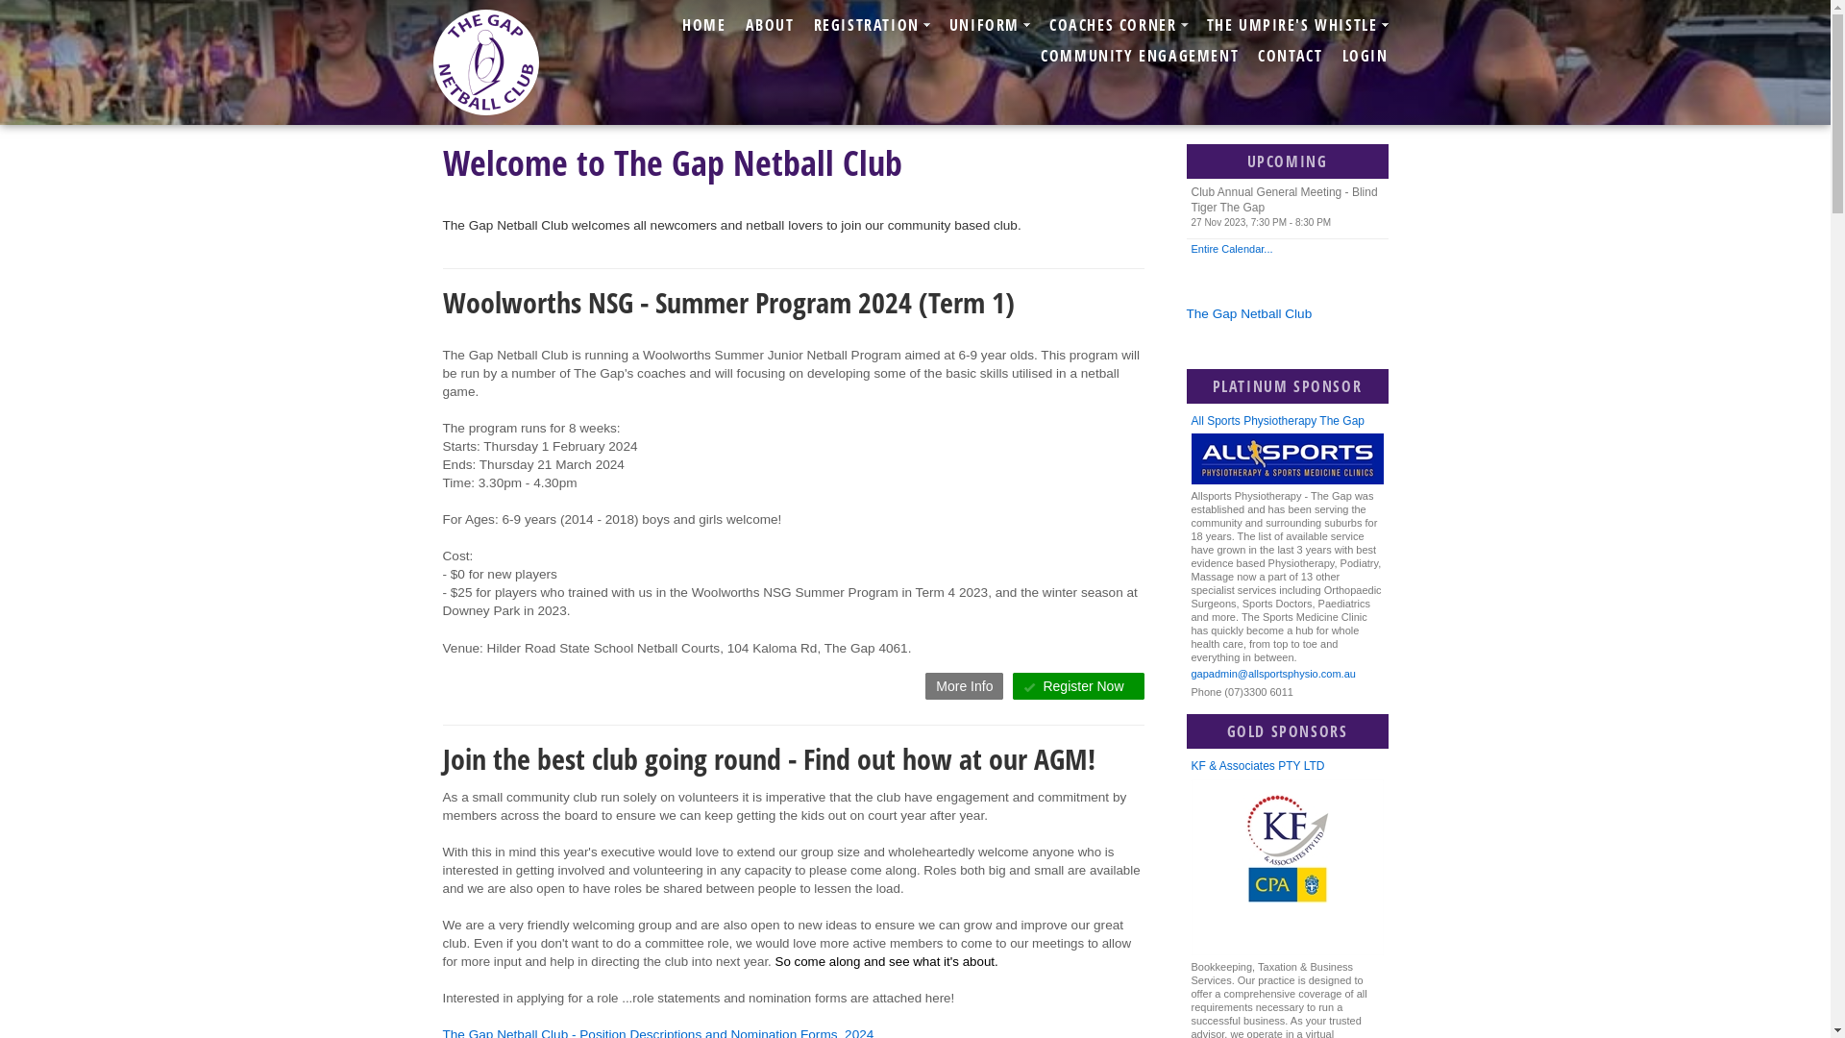 The image size is (1845, 1038). Describe the element at coordinates (871, 25) in the screenshot. I see `'REGISTRATION'` at that location.